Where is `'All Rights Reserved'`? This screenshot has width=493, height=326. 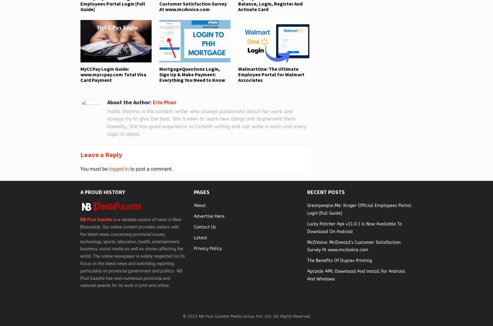 'All Rights Reserved' is located at coordinates (291, 316).